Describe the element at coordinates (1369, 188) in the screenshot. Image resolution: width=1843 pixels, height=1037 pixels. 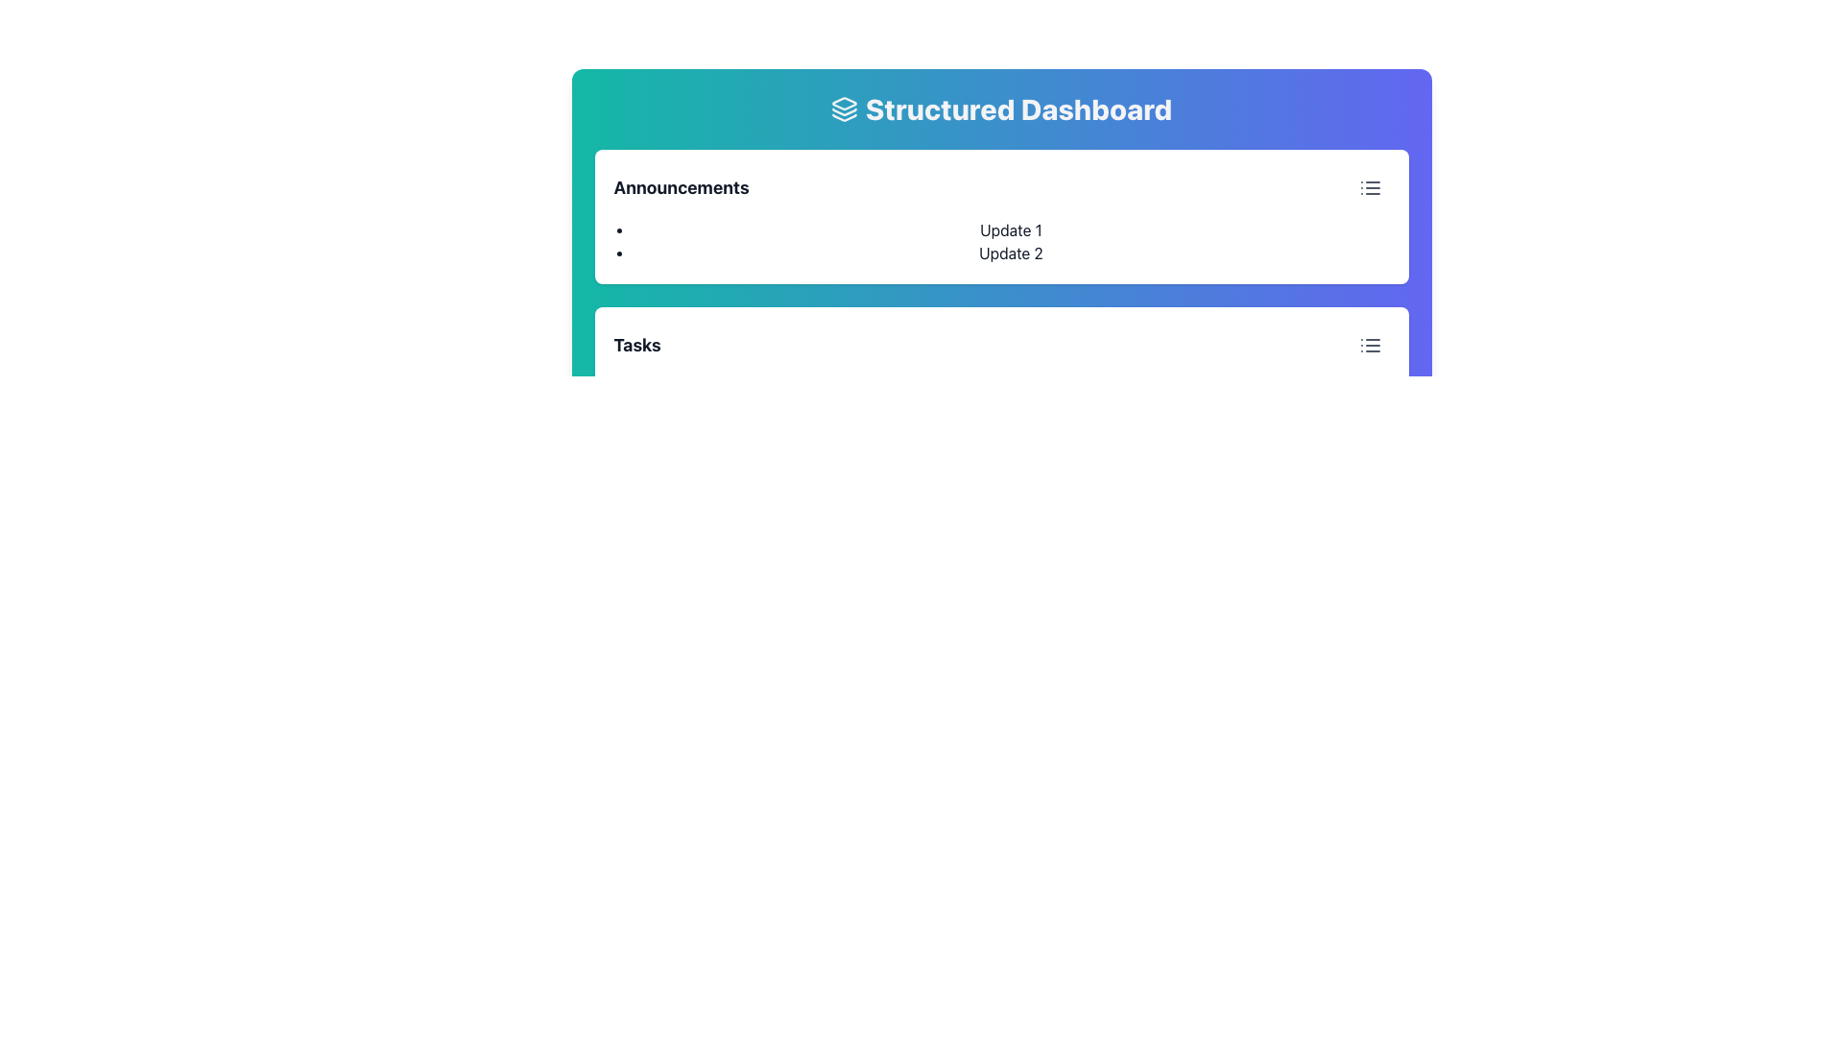
I see `the small list icon with three horizontal lines and three dots on the left` at that location.